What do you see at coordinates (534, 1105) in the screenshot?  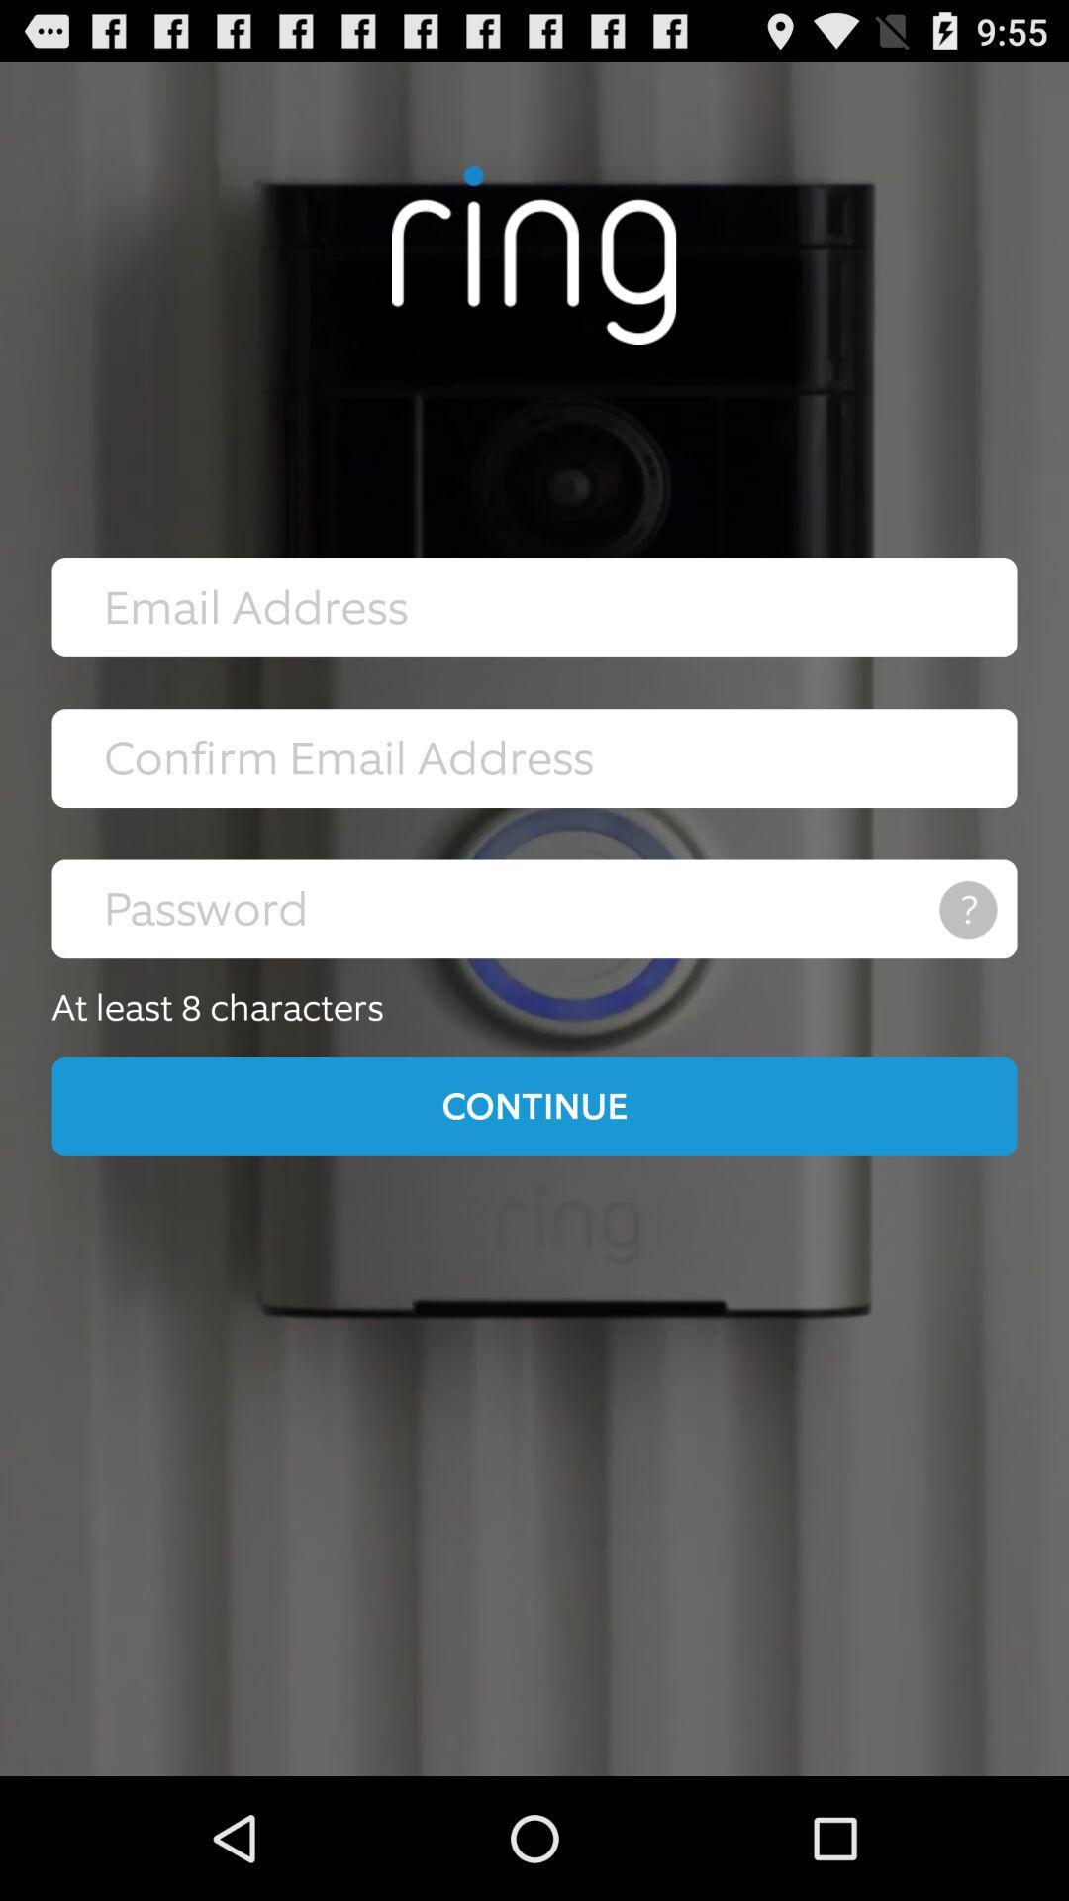 I see `continue icon` at bounding box center [534, 1105].